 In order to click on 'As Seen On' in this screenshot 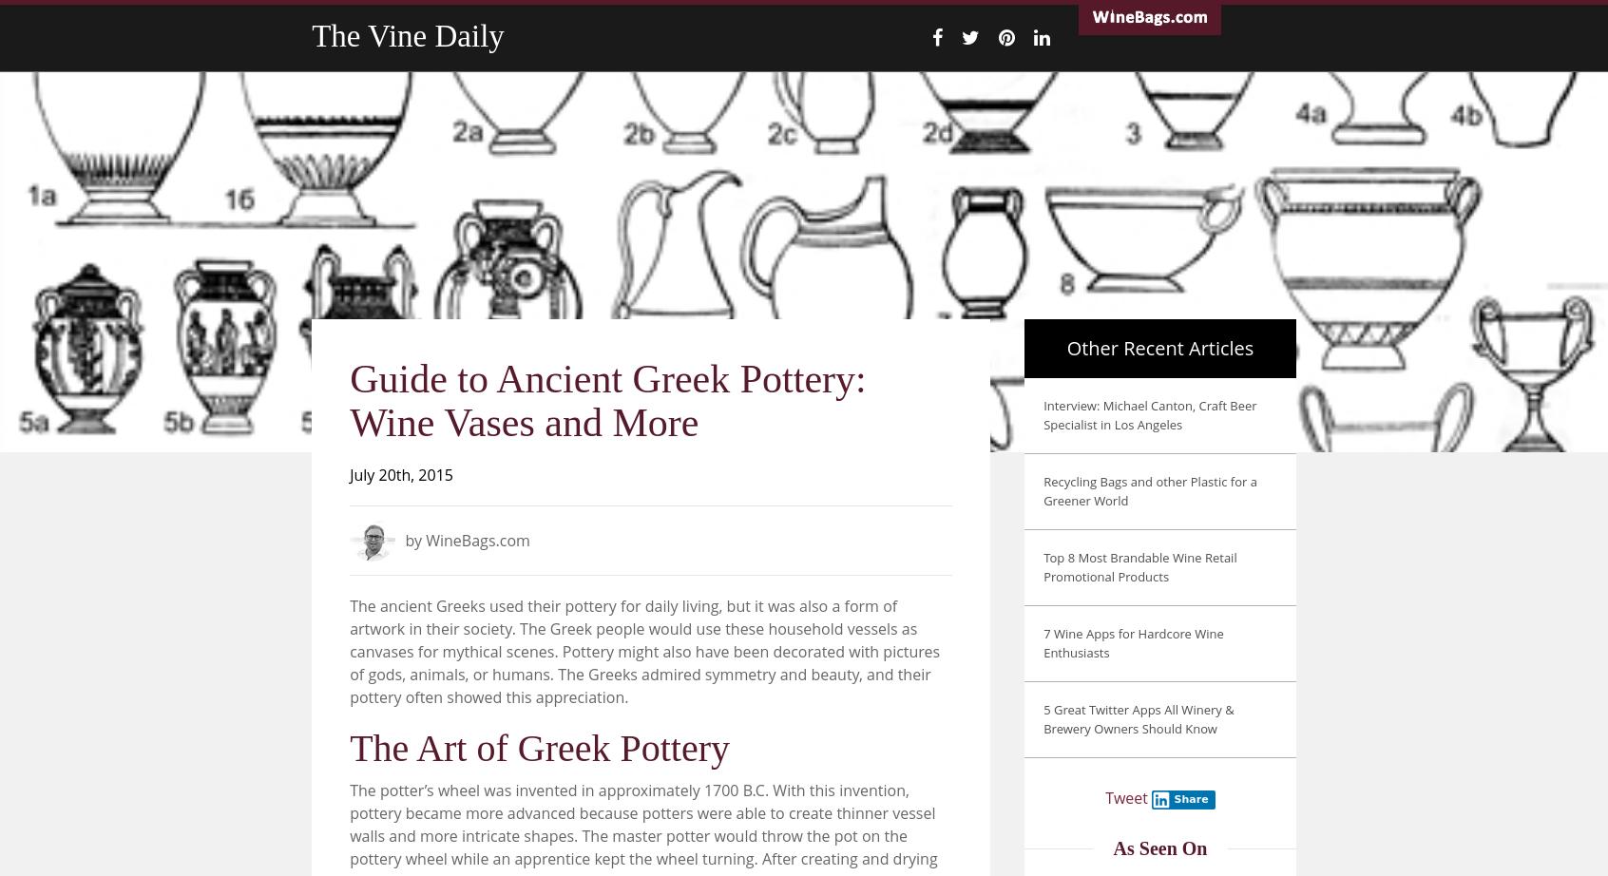, I will do `click(1159, 847)`.